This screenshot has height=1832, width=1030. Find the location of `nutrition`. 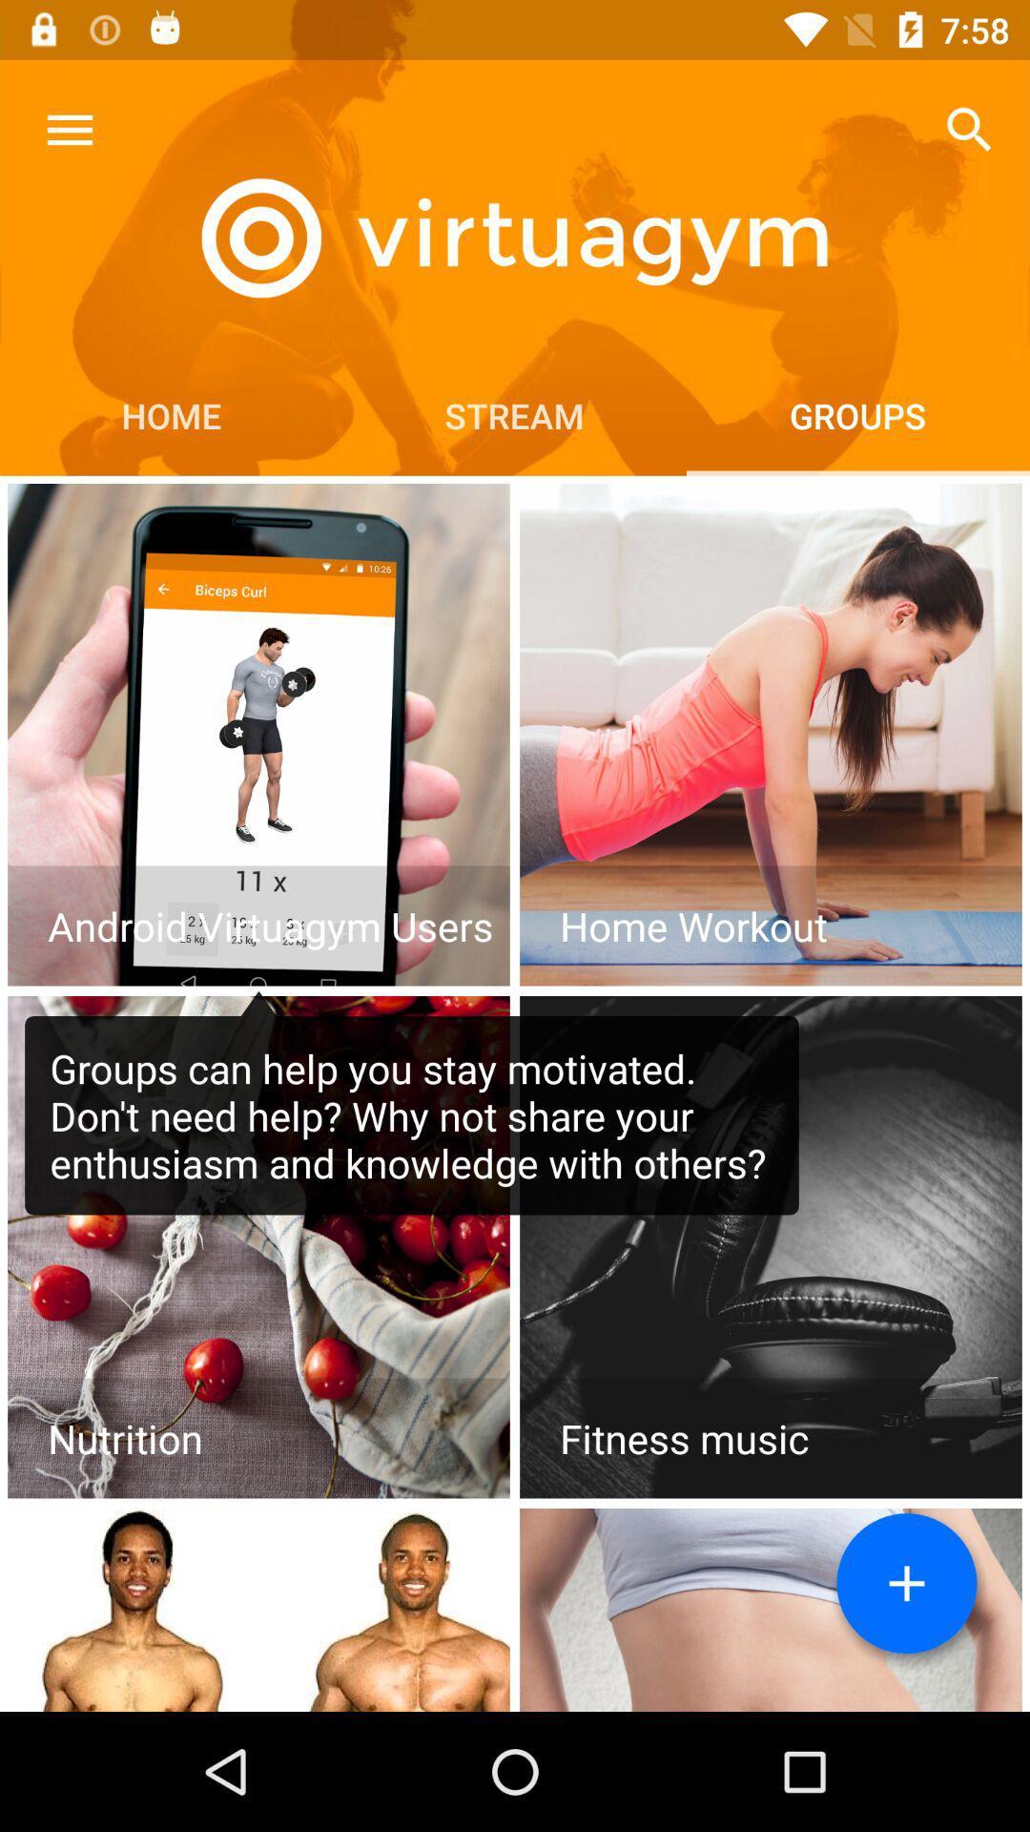

nutrition is located at coordinates (258, 1247).